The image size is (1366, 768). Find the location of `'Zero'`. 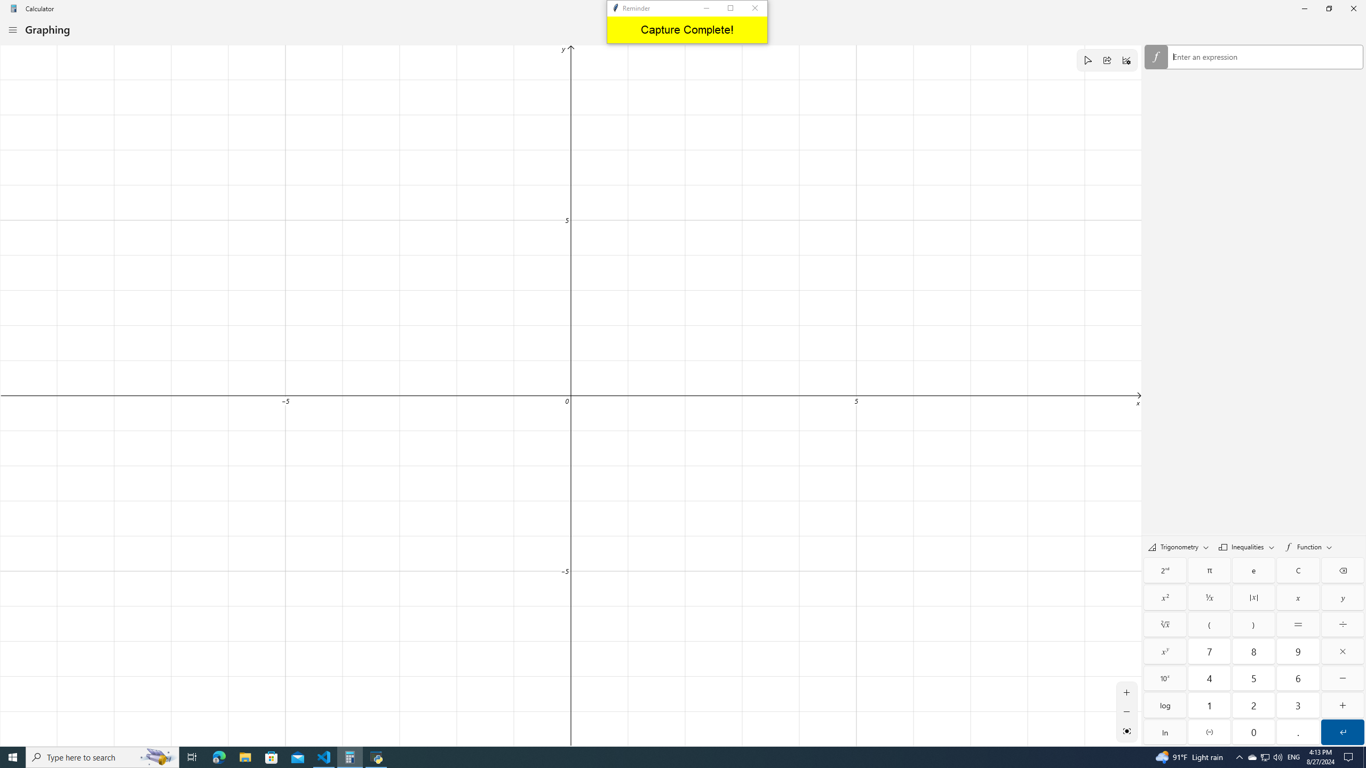

'Zero' is located at coordinates (1253, 732).